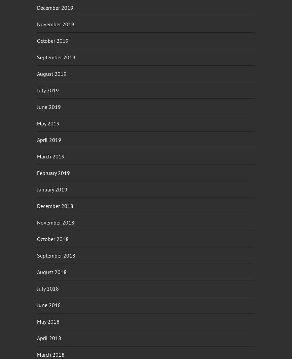  What do you see at coordinates (37, 172) in the screenshot?
I see `'February 2019'` at bounding box center [37, 172].